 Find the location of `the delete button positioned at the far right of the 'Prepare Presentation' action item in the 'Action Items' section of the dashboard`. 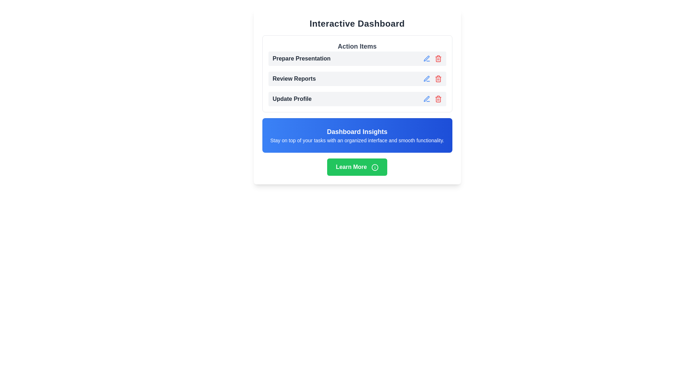

the delete button positioned at the far right of the 'Prepare Presentation' action item in the 'Action Items' section of the dashboard is located at coordinates (438, 58).